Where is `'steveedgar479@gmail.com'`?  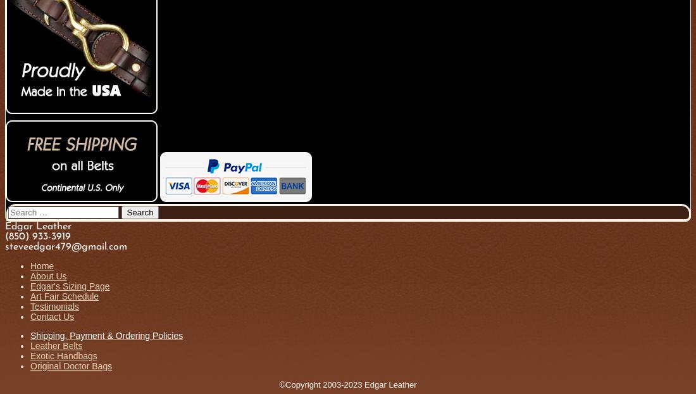 'steveedgar479@gmail.com' is located at coordinates (4, 246).